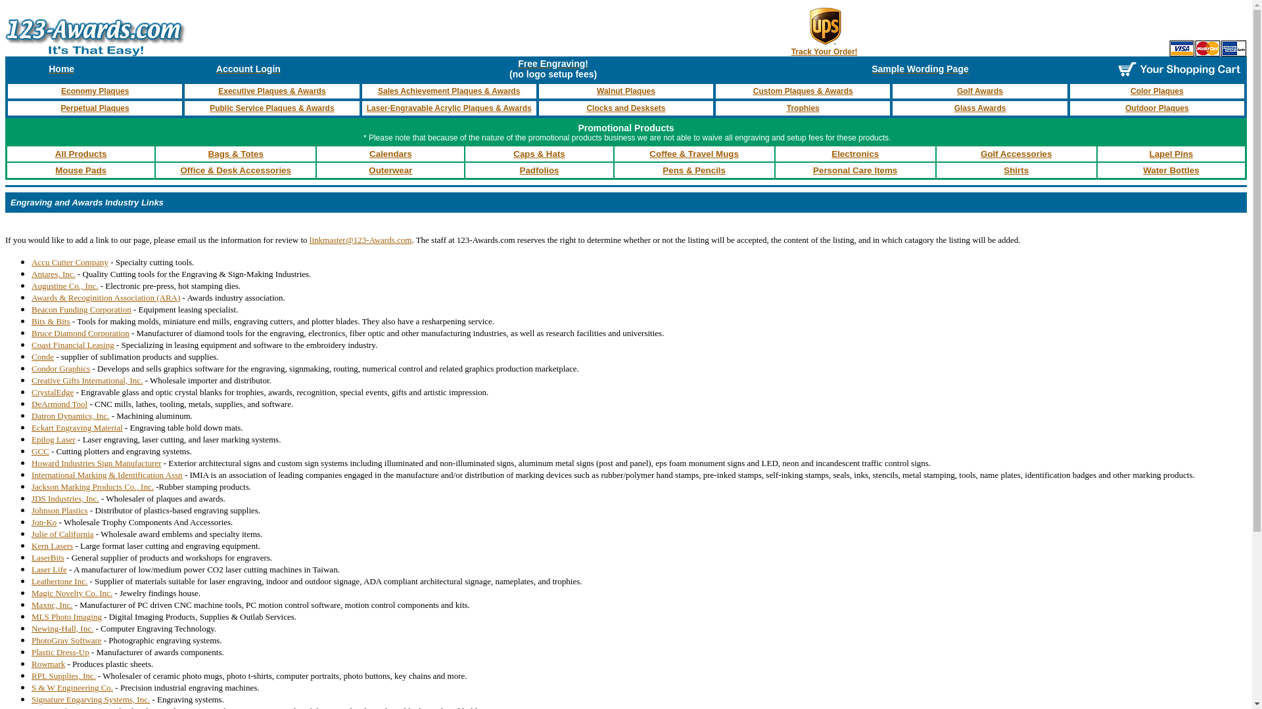 Image resolution: width=1262 pixels, height=709 pixels. What do you see at coordinates (60, 368) in the screenshot?
I see `'Condor Graphics'` at bounding box center [60, 368].